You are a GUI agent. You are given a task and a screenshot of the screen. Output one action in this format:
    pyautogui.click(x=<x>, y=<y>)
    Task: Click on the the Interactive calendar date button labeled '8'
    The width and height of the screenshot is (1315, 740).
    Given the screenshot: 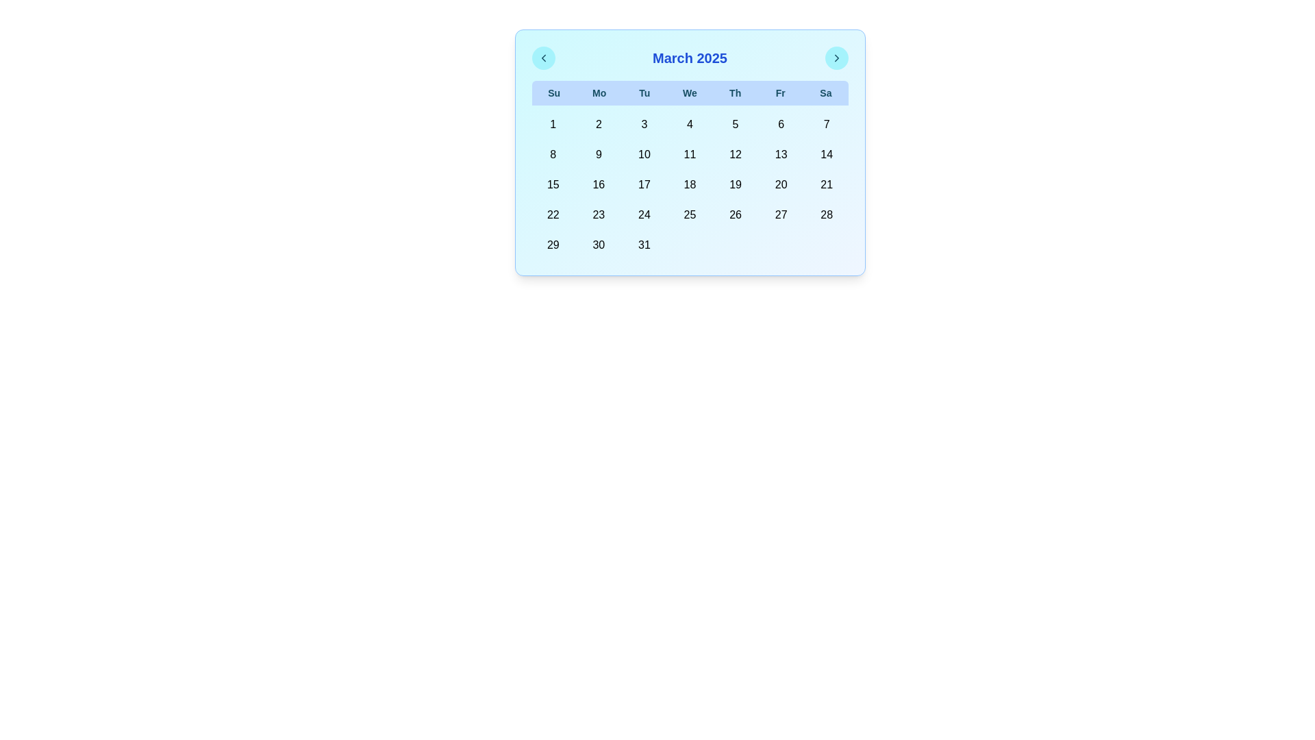 What is the action you would take?
    pyautogui.click(x=553, y=154)
    